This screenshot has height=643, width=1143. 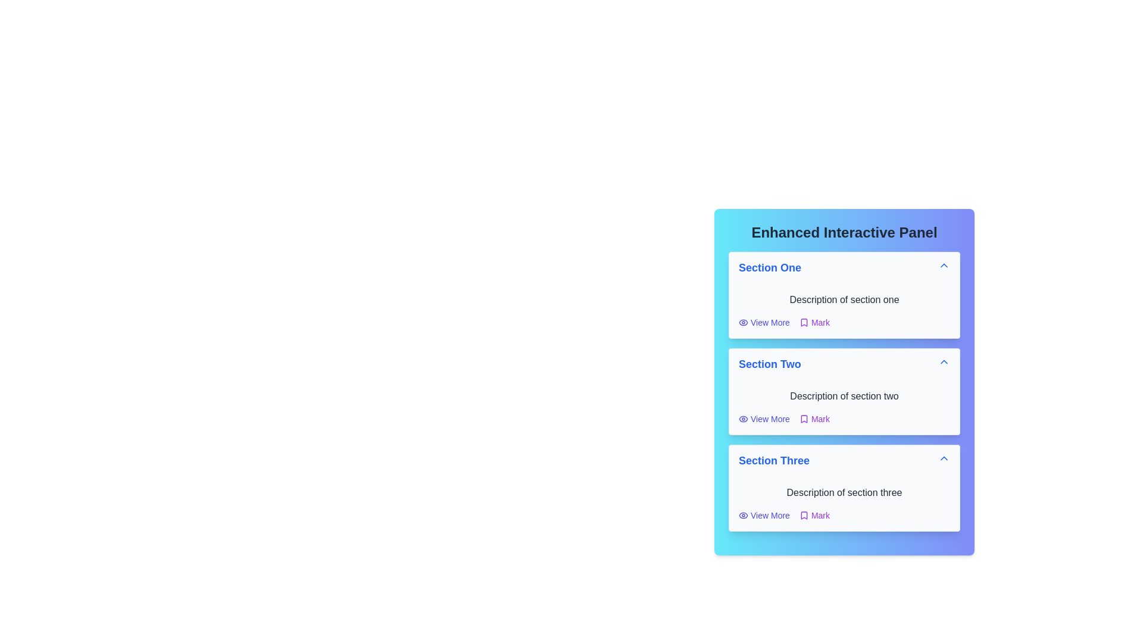 What do you see at coordinates (764, 515) in the screenshot?
I see `the clickable link styled with an icon labeled 'View More' located in the bottom left corner of the 'Section Three' panel` at bounding box center [764, 515].